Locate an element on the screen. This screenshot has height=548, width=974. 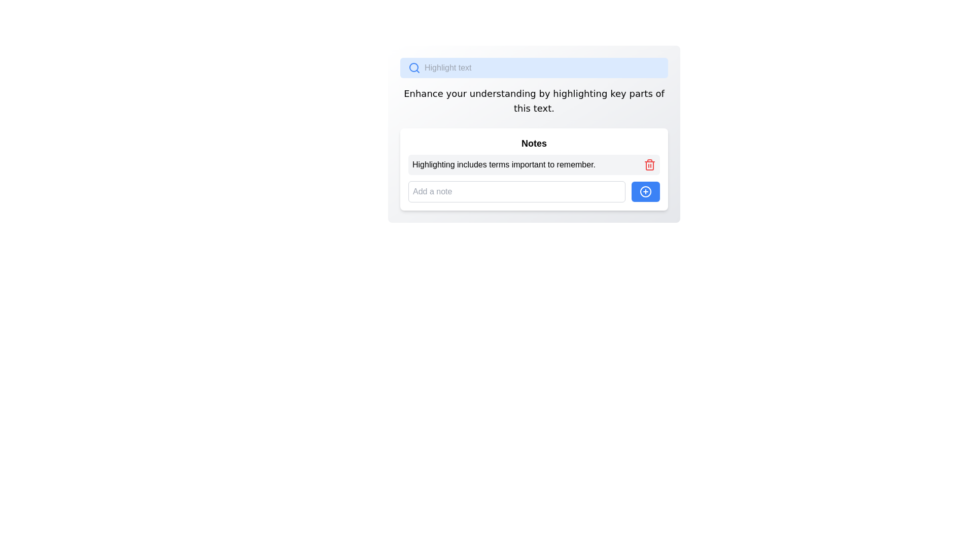
the lowercase letter 'n' in the word 'highlighting' within the instruction text that says 'Enhance your understanding by highlighting key parts of this text.' is located at coordinates (599, 93).